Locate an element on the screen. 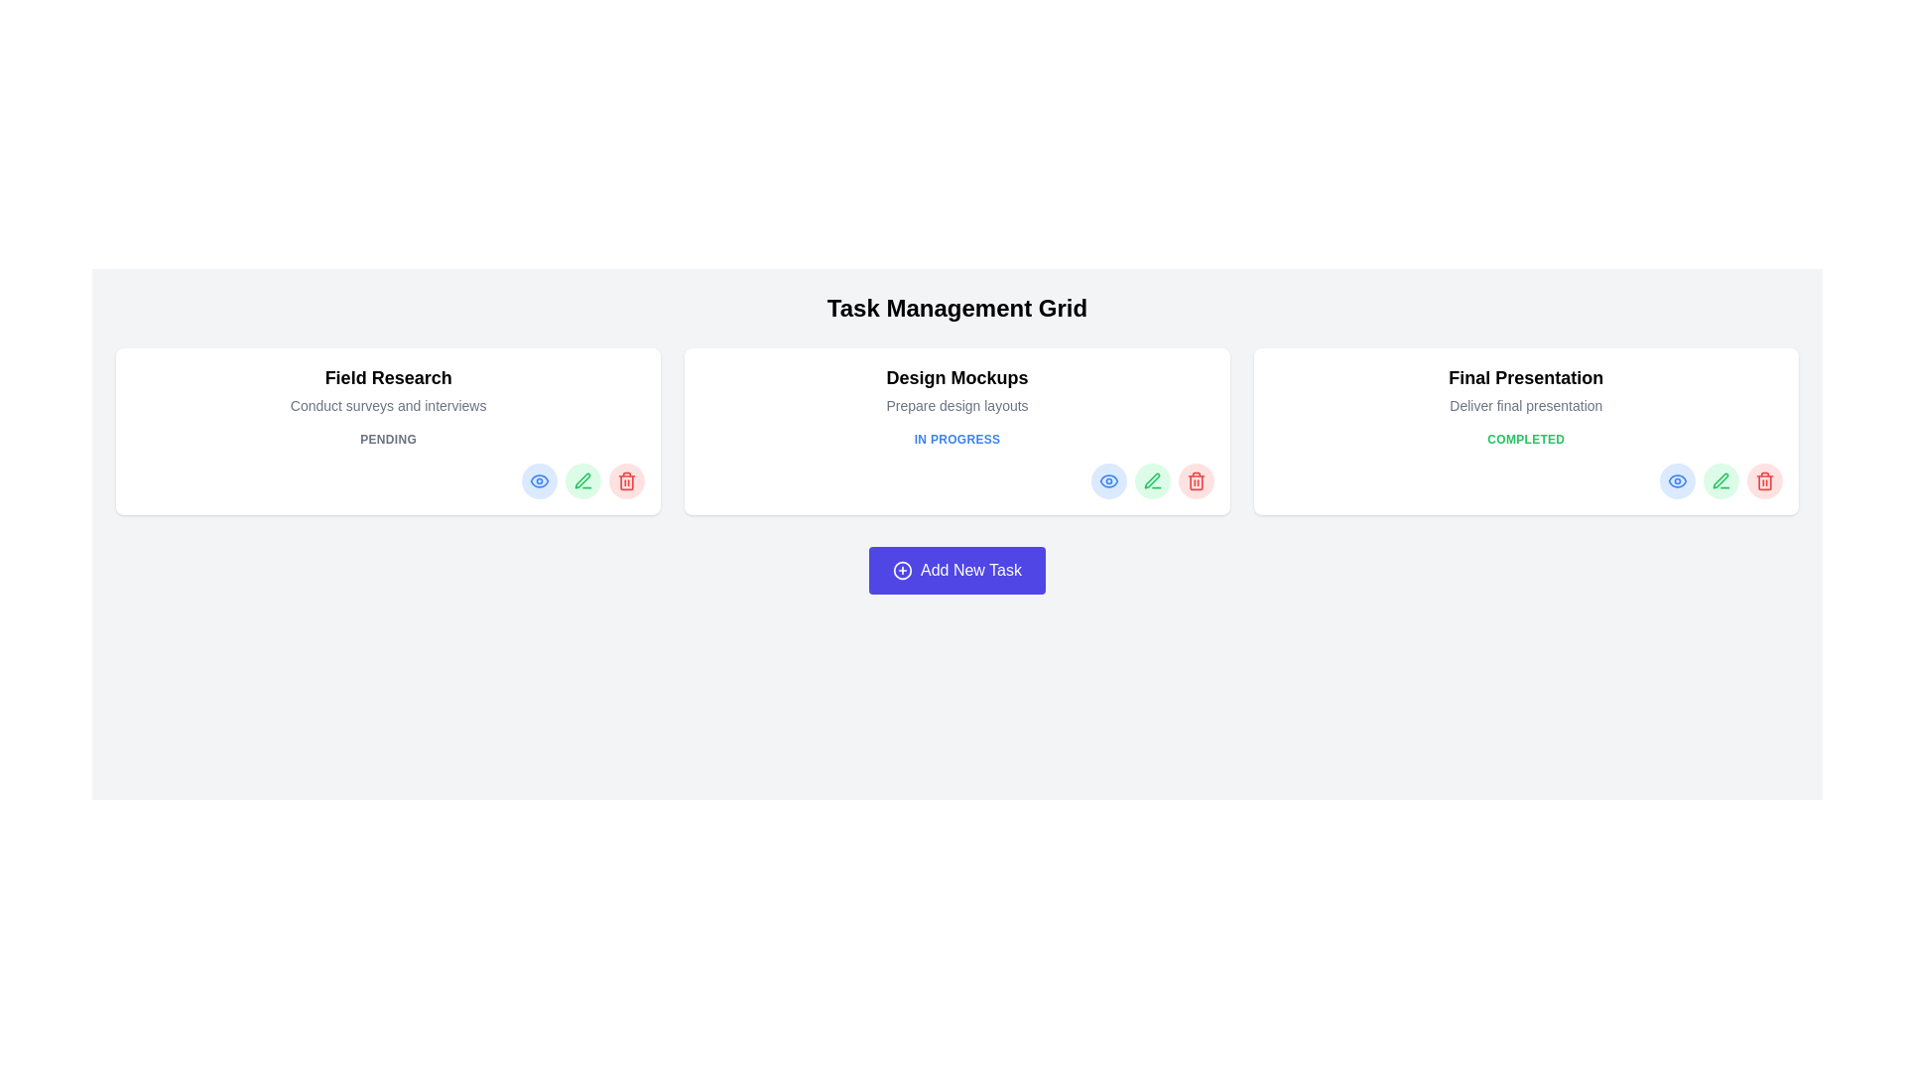 The width and height of the screenshot is (1905, 1072). the circular button with a light blue background and an eye icon located in the bottom-right corner of the 'Final Presentation' card in the third column of the task management grid is located at coordinates (1676, 481).